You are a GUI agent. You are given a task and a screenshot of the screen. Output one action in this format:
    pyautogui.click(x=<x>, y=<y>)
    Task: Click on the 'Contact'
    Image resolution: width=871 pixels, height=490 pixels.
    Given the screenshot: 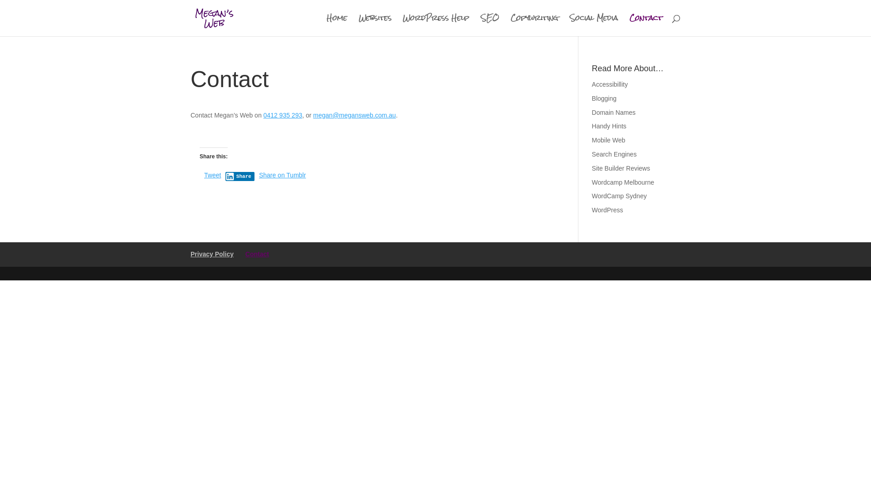 What is the action you would take?
    pyautogui.click(x=256, y=254)
    